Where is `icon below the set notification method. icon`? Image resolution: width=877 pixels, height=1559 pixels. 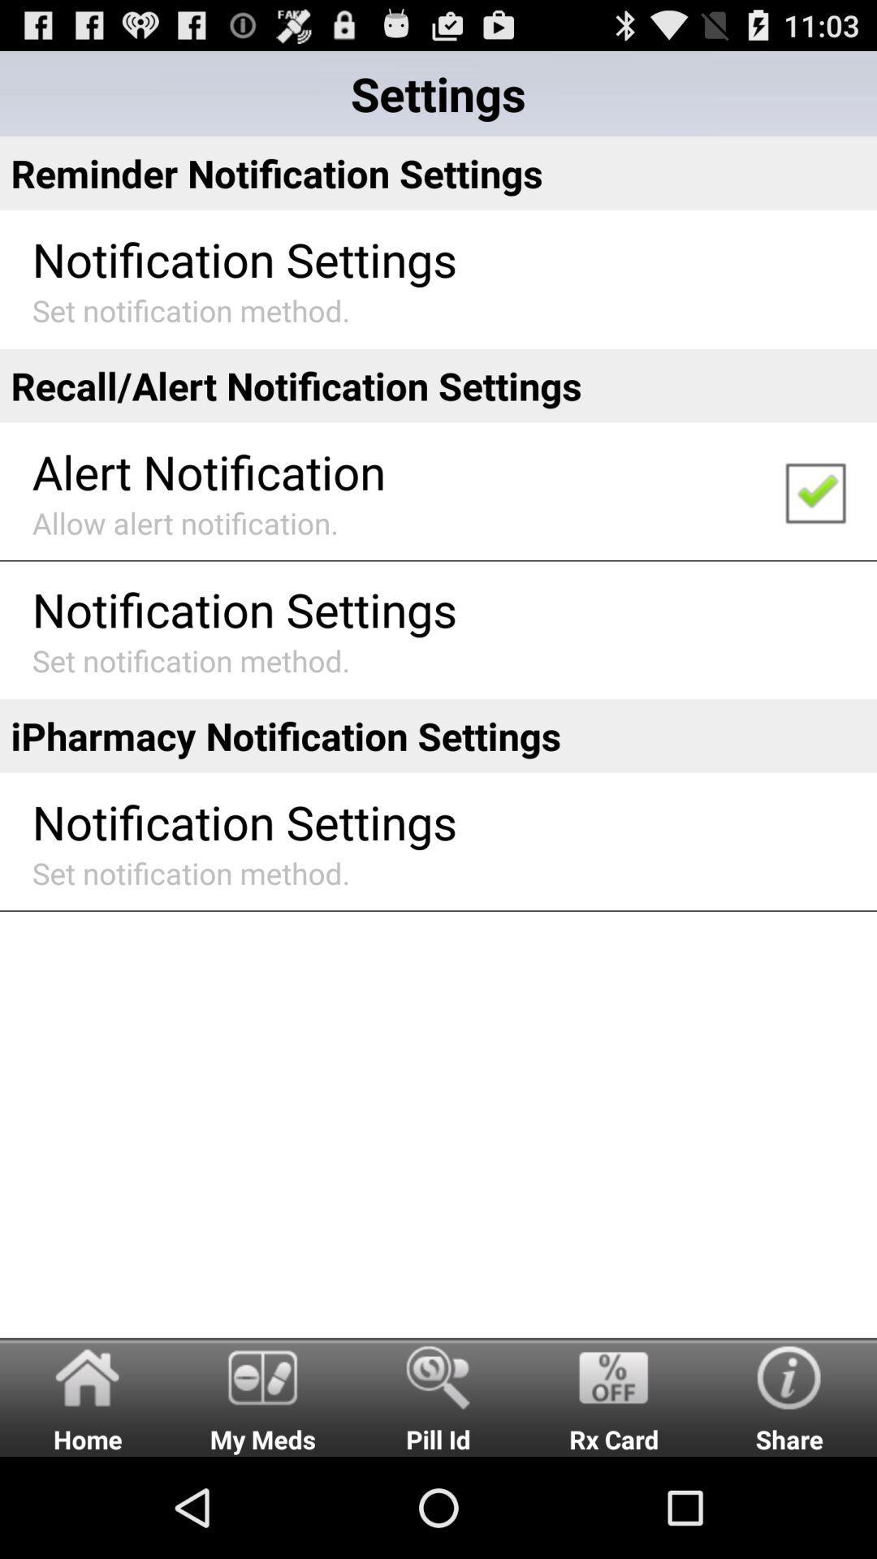 icon below the set notification method. icon is located at coordinates (438, 1396).